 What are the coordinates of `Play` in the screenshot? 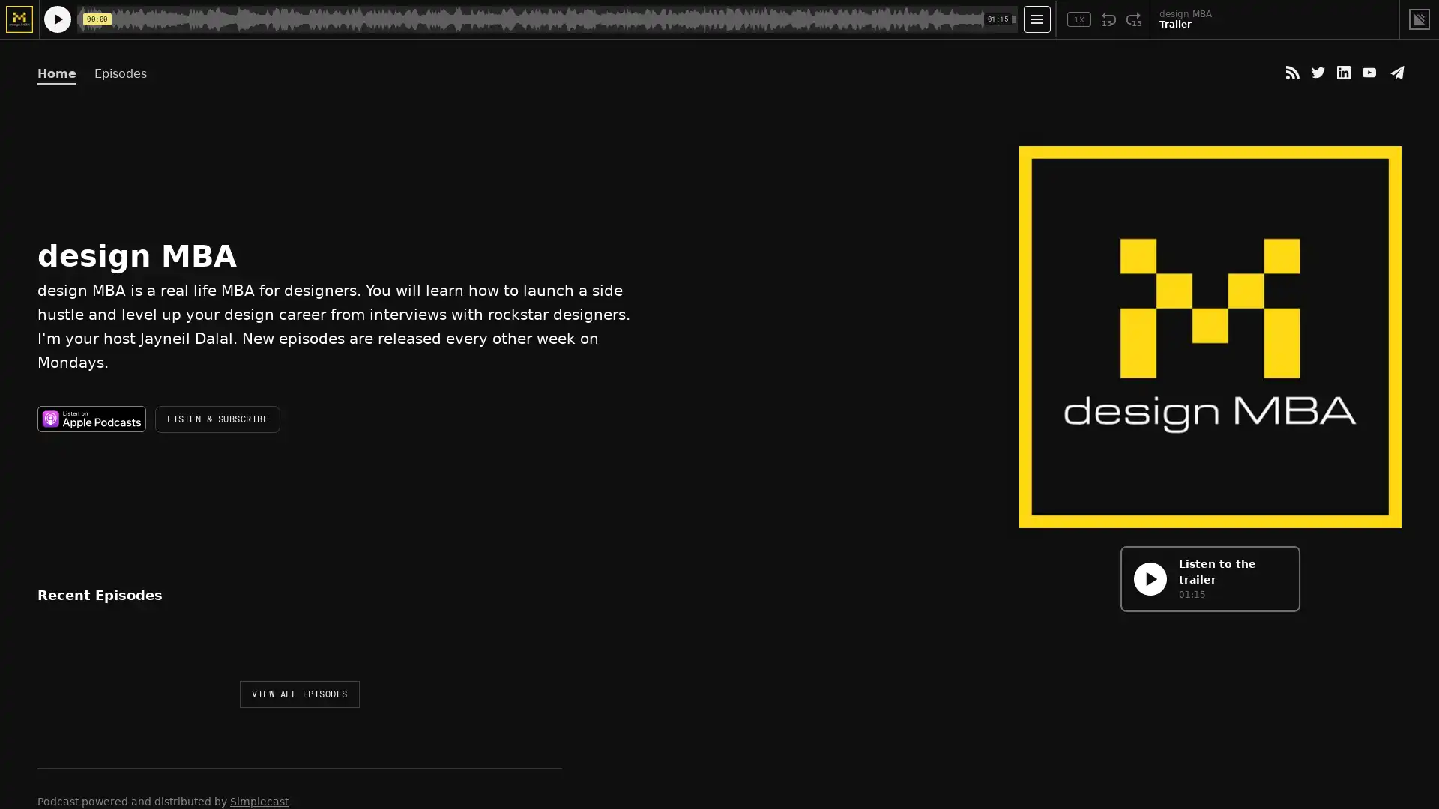 It's located at (57, 19).